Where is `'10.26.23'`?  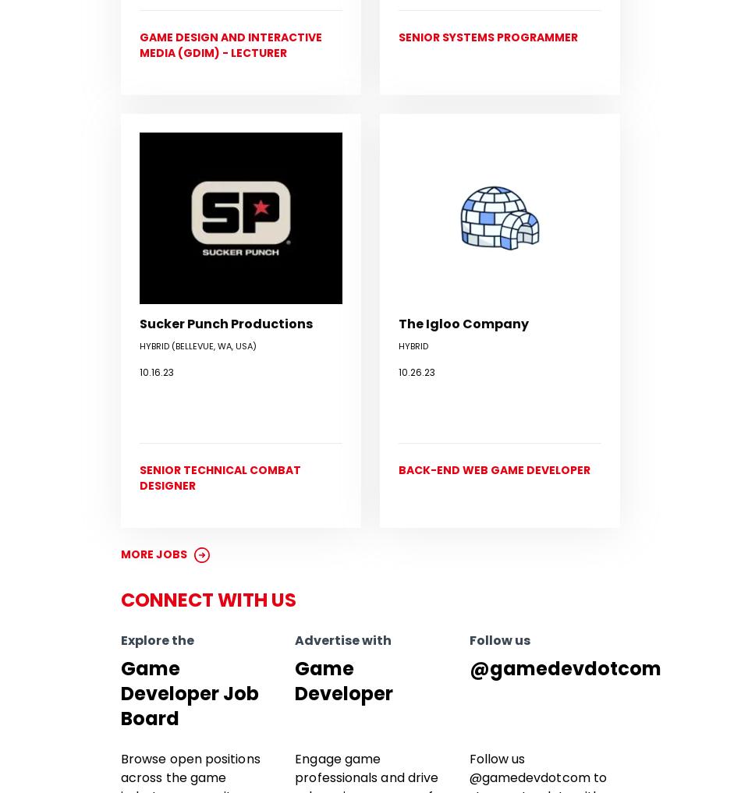
'10.26.23' is located at coordinates (417, 370).